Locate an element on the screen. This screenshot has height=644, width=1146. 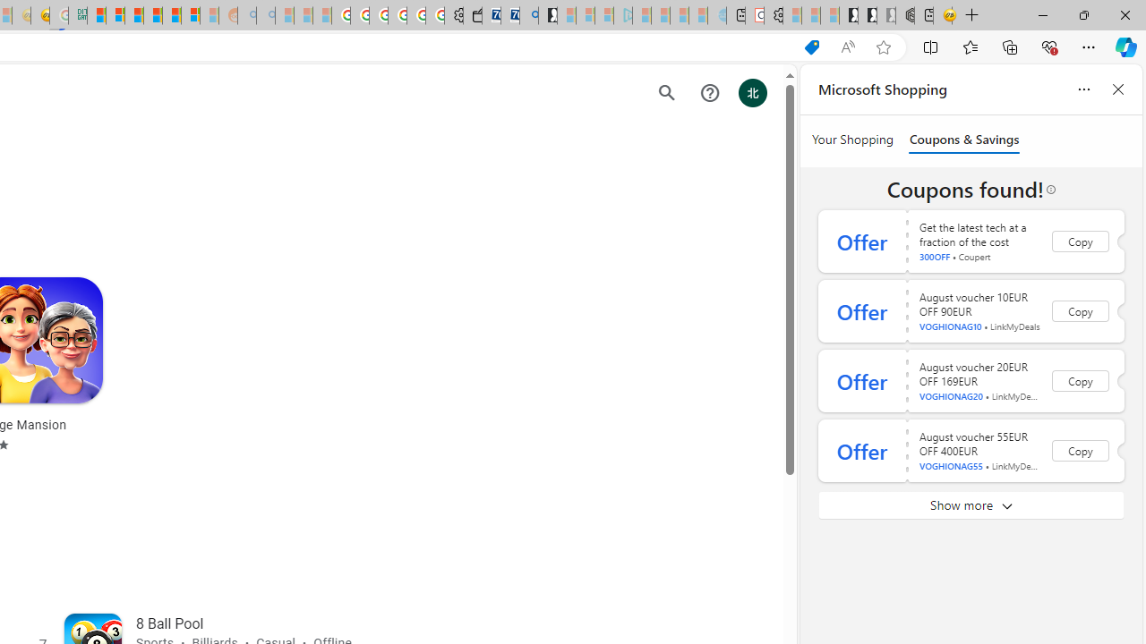
'Play Free Online Games | Games from Microsoft Start' is located at coordinates (847, 15).